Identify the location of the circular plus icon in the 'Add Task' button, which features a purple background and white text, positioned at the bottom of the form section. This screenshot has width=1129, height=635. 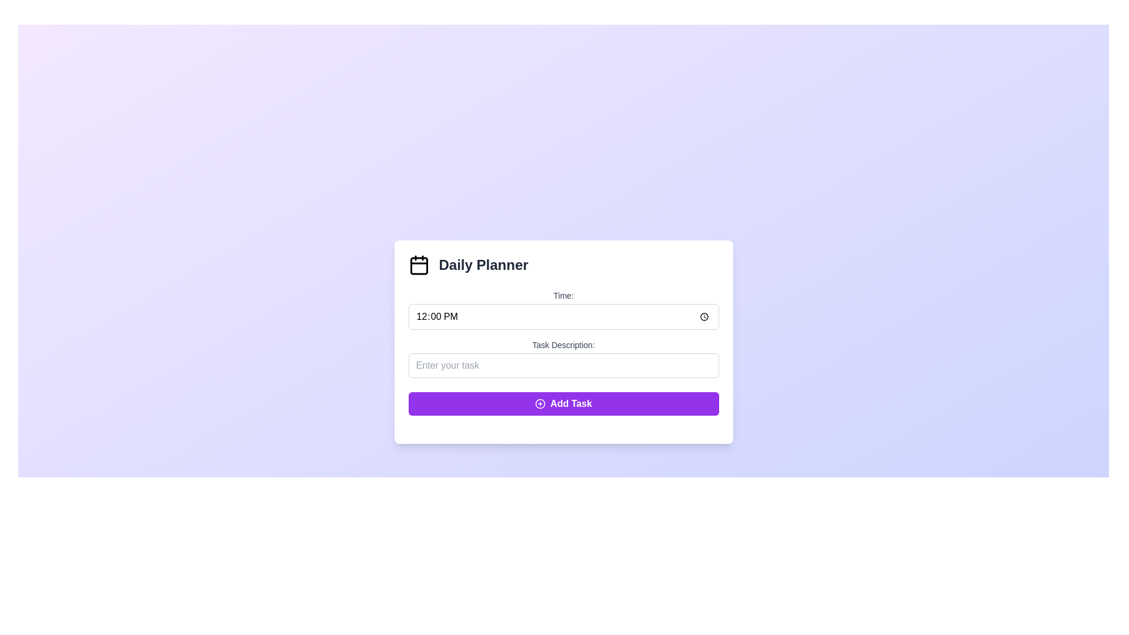
(540, 403).